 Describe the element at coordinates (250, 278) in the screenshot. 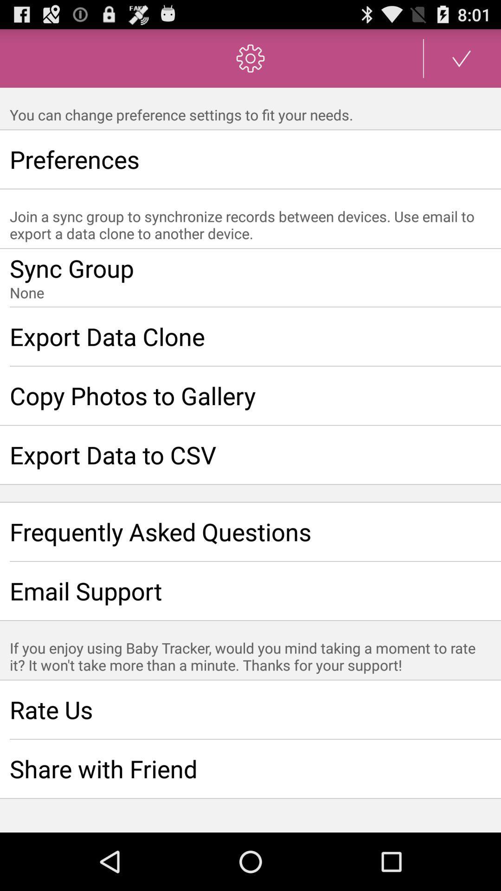

I see `sync group` at that location.